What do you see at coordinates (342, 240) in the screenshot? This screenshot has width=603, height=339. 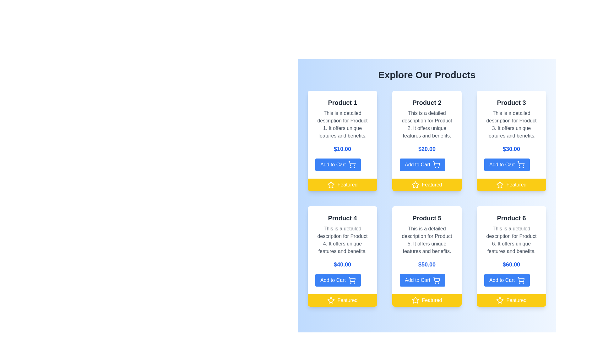 I see `the static text that reads 'This is a detailed description for Product 4.' located beneath the product title 'Product 4' in the card layout` at bounding box center [342, 240].